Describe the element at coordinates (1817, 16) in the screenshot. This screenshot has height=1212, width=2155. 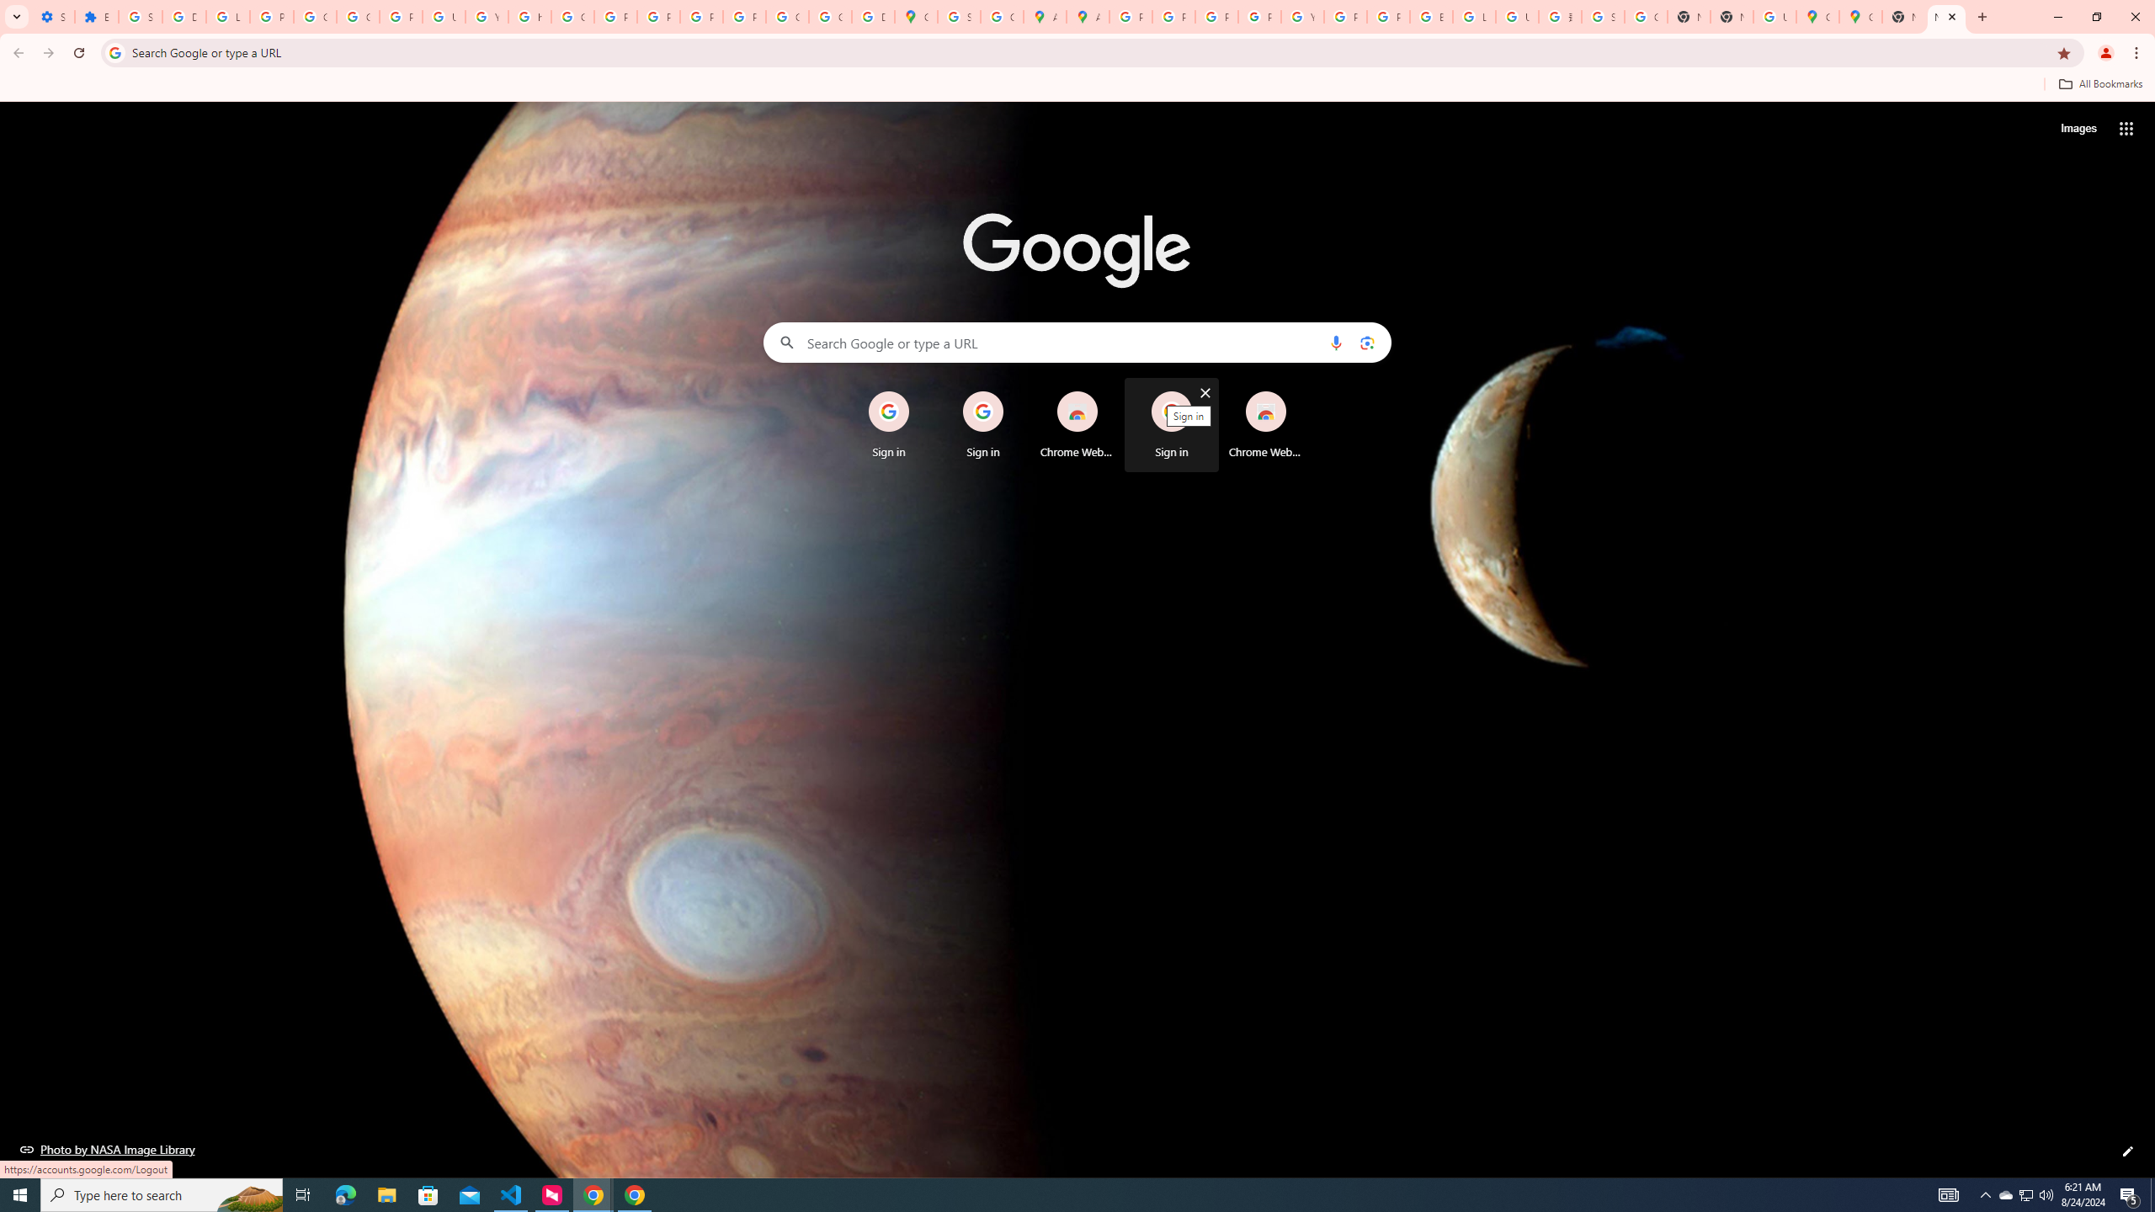
I see `'Google Maps'` at that location.